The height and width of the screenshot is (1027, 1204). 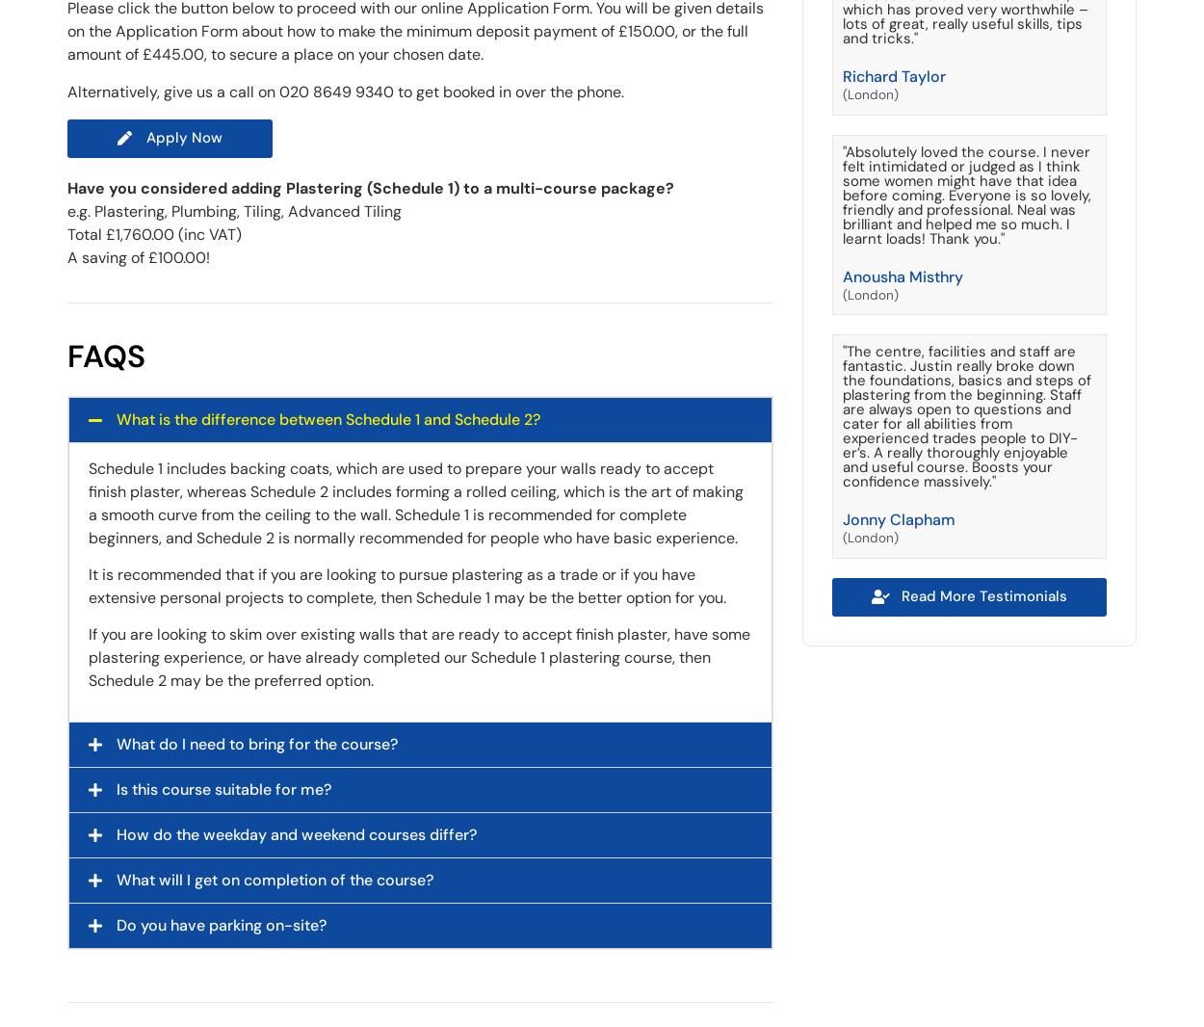 I want to click on 'What will I get on completion of the course?', so click(x=275, y=879).